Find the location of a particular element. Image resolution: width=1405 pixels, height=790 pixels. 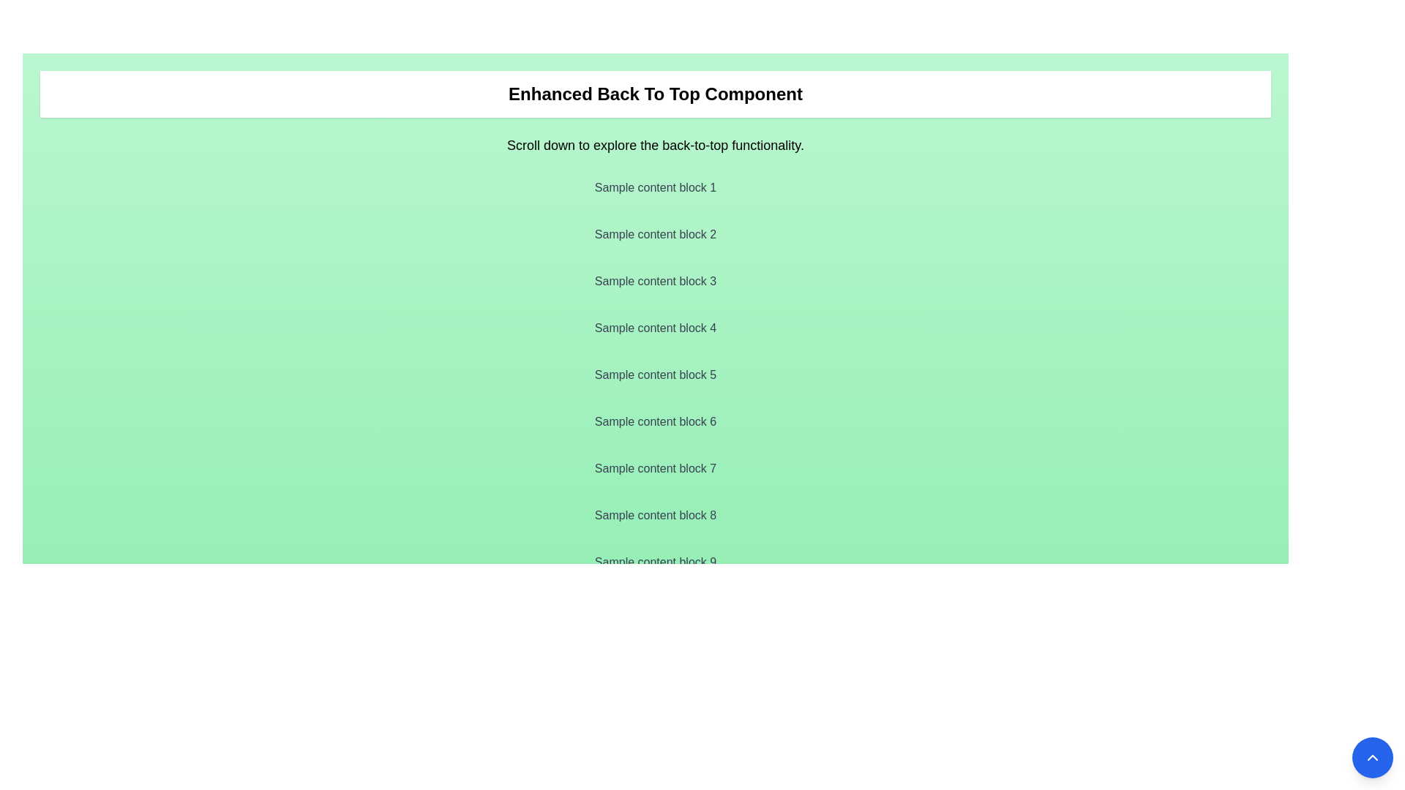

the chevron icon located at the center of the circular button in the bottom-right corner, which is designed for upward scrolling functionality is located at coordinates (1372, 757).